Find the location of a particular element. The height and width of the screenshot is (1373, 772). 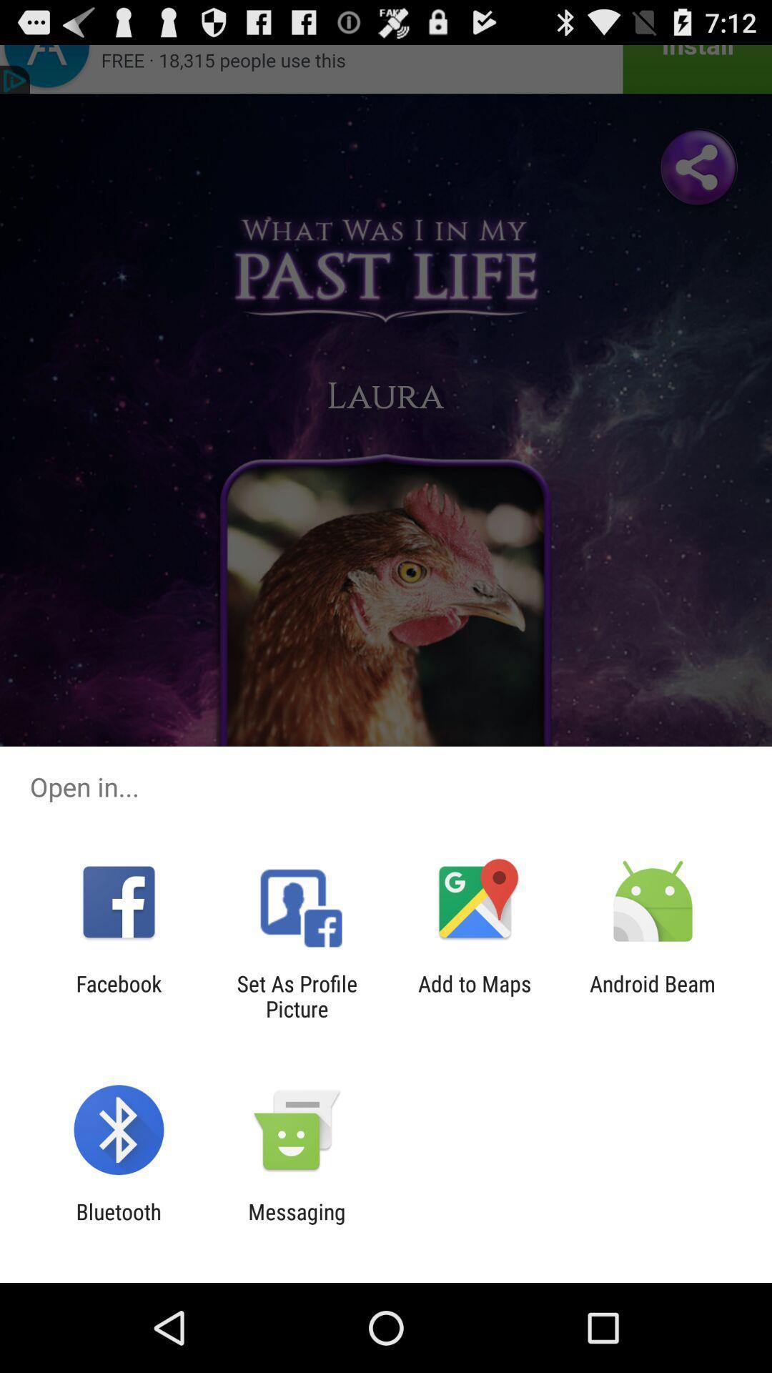

item to the left of the messaging is located at coordinates (118, 1224).